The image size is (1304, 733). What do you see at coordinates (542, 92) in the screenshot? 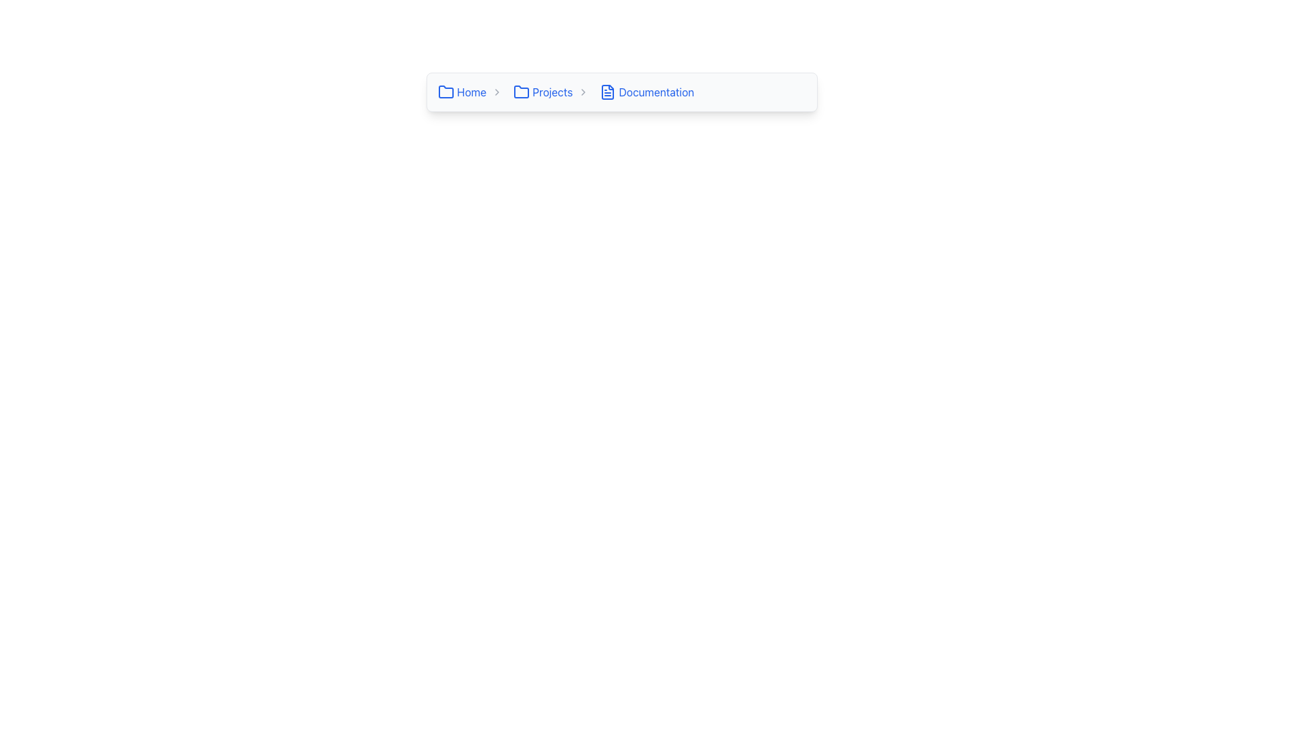
I see `the 'Projects' hyperlink in the breadcrumb navigation` at bounding box center [542, 92].